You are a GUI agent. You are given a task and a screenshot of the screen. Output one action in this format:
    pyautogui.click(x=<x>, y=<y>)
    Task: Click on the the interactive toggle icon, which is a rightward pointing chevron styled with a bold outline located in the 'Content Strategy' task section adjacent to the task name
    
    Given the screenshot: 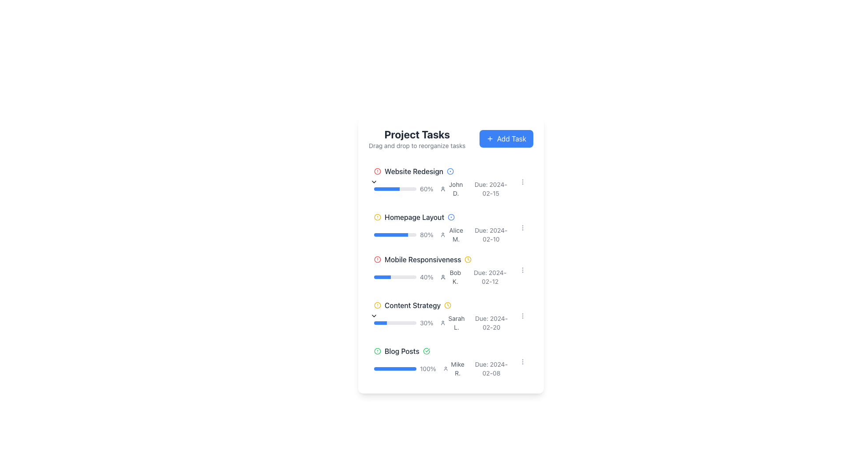 What is the action you would take?
    pyautogui.click(x=374, y=316)
    